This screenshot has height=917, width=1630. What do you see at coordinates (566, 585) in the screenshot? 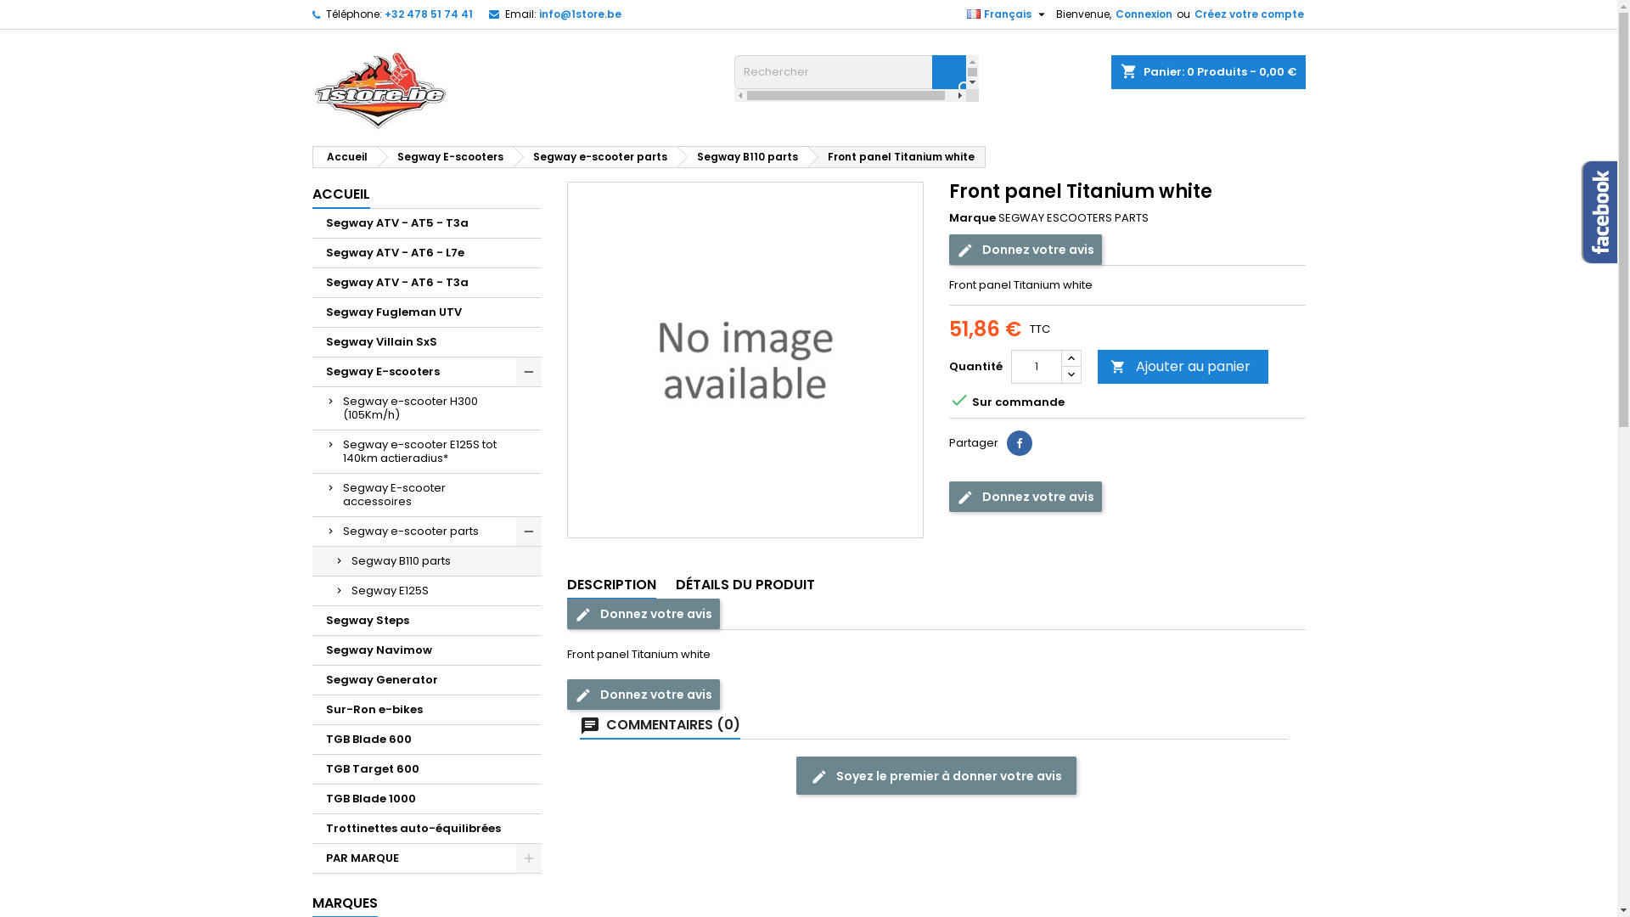
I see `'DESCRIPTION'` at bounding box center [566, 585].